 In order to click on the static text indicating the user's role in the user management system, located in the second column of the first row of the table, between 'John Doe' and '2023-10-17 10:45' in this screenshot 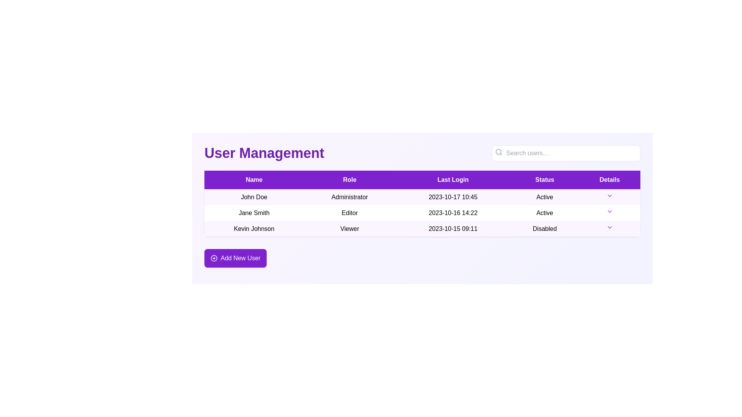, I will do `click(349, 197)`.